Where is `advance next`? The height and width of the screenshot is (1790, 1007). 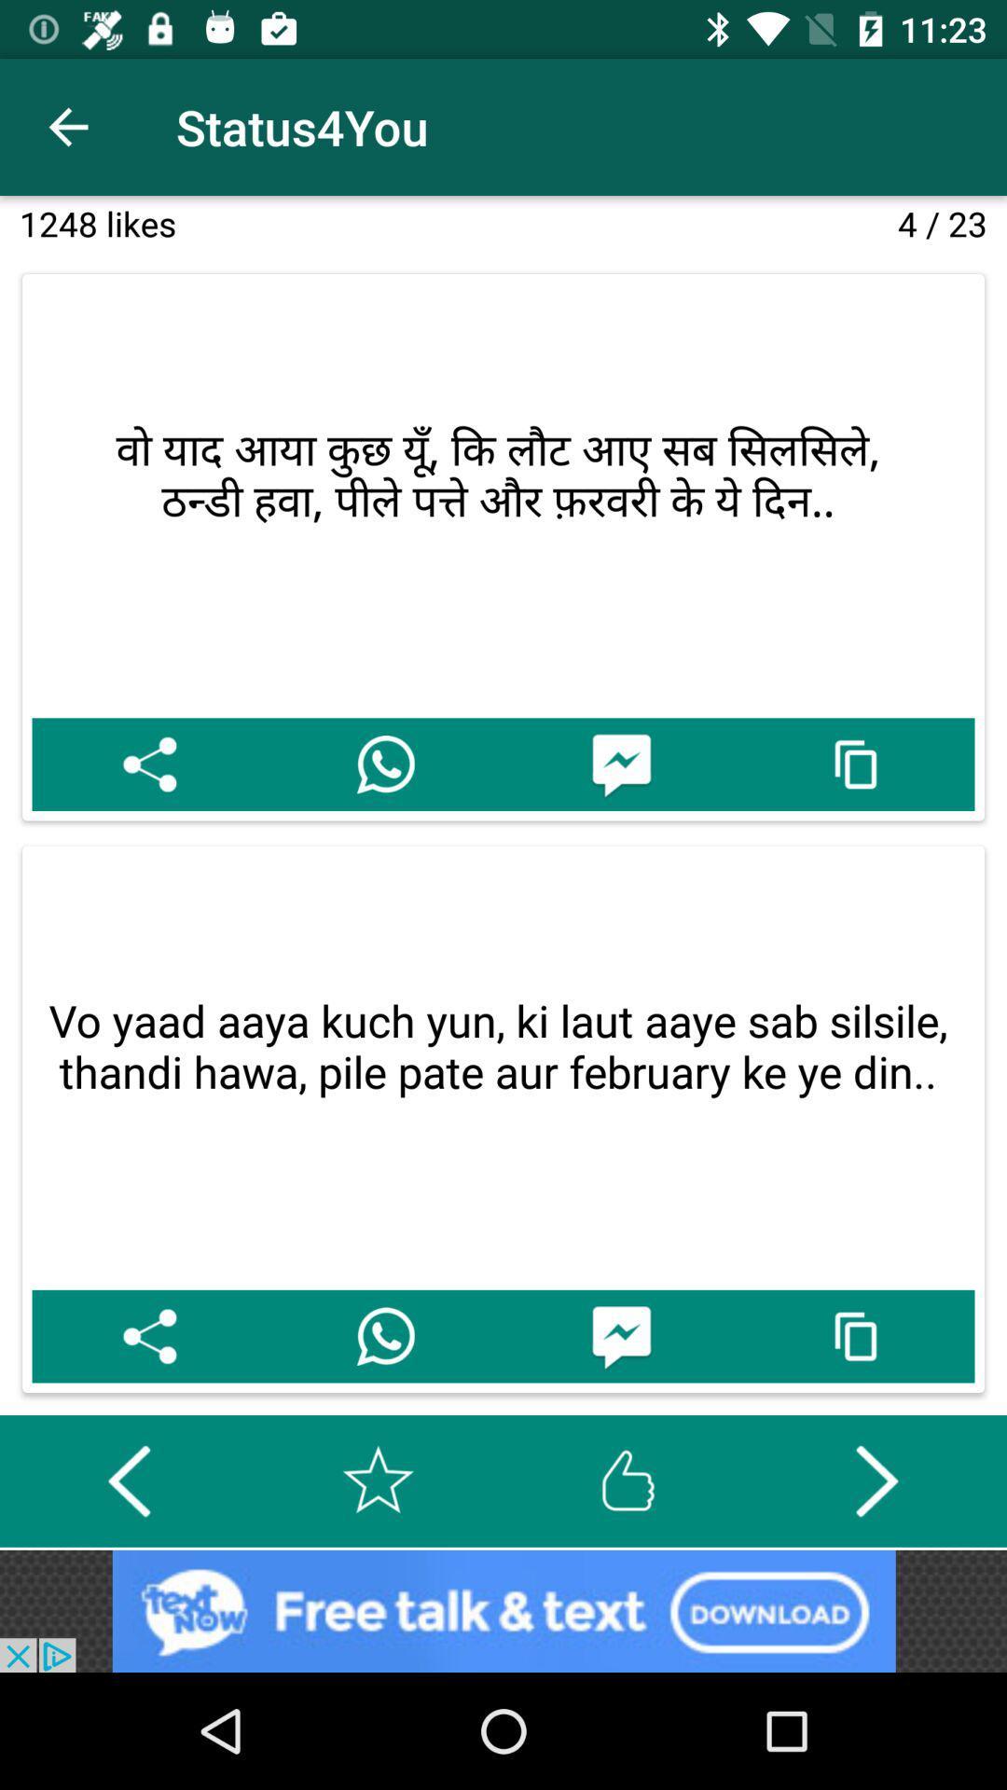 advance next is located at coordinates (876, 1480).